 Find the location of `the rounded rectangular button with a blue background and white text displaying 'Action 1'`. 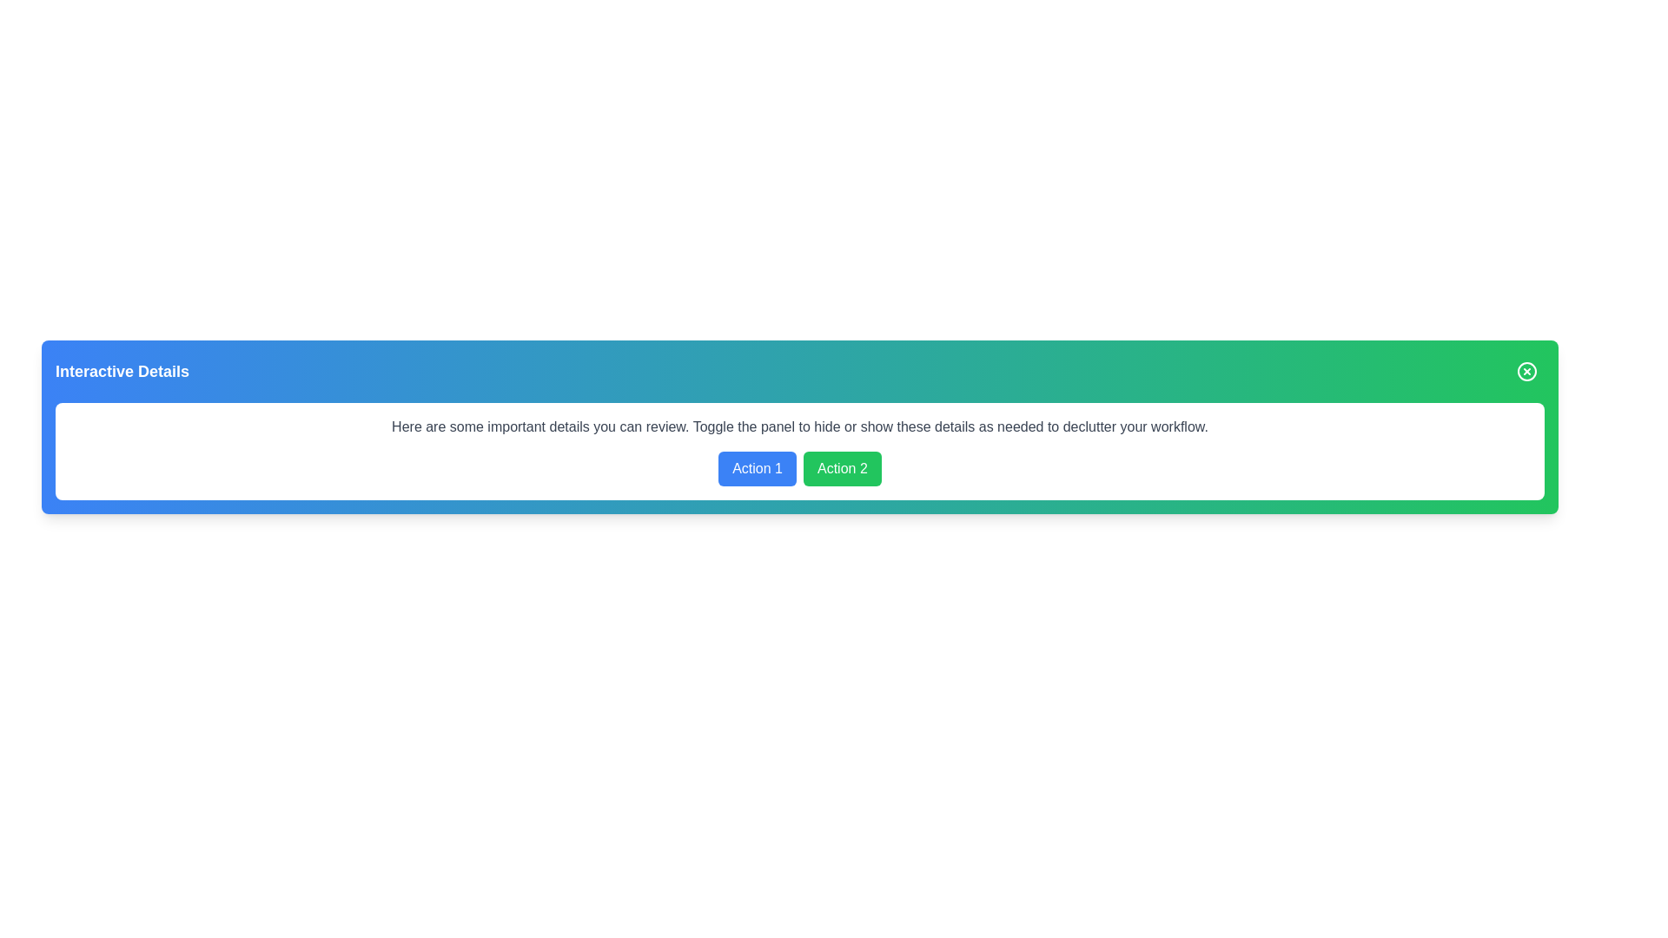

the rounded rectangular button with a blue background and white text displaying 'Action 1' is located at coordinates (758, 469).